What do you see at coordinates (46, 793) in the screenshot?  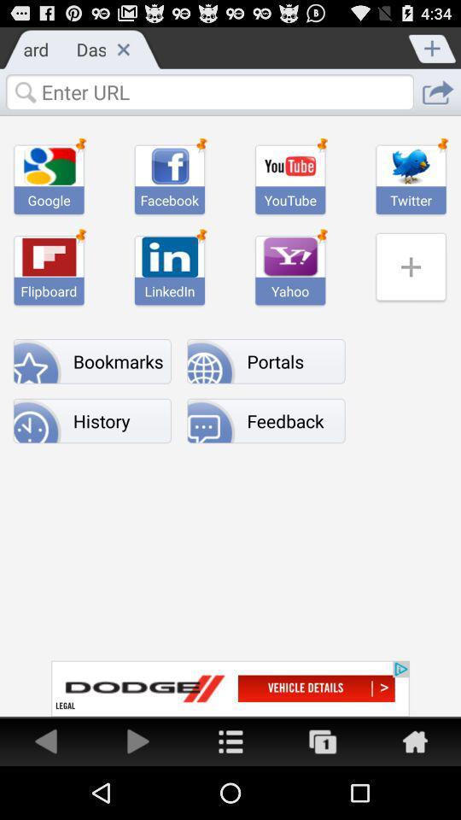 I see `the arrow_backward icon` at bounding box center [46, 793].